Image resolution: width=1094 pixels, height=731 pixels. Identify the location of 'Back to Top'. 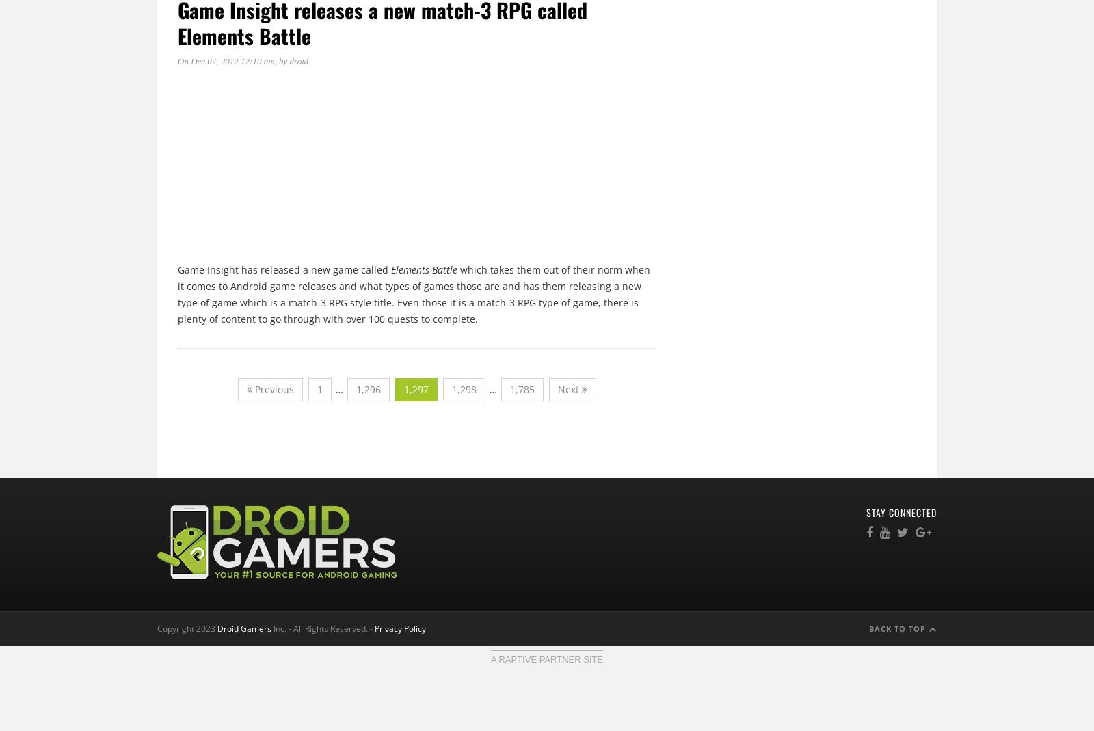
(898, 627).